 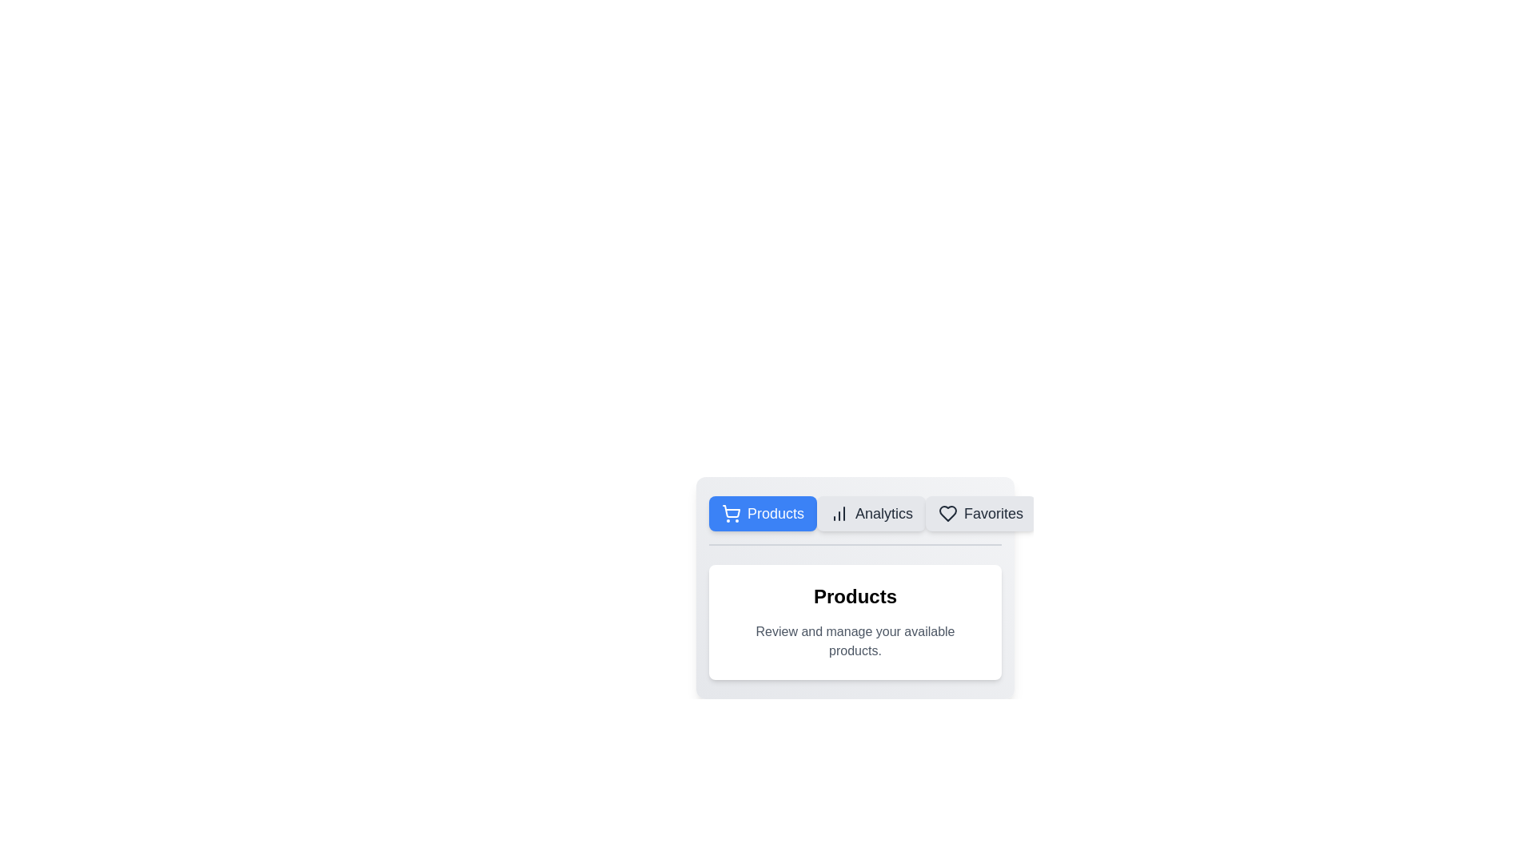 I want to click on the 'Products' button surrounding the shopping cart icon, which is styled with a line art design and represents the main body of the cart, so click(x=731, y=511).